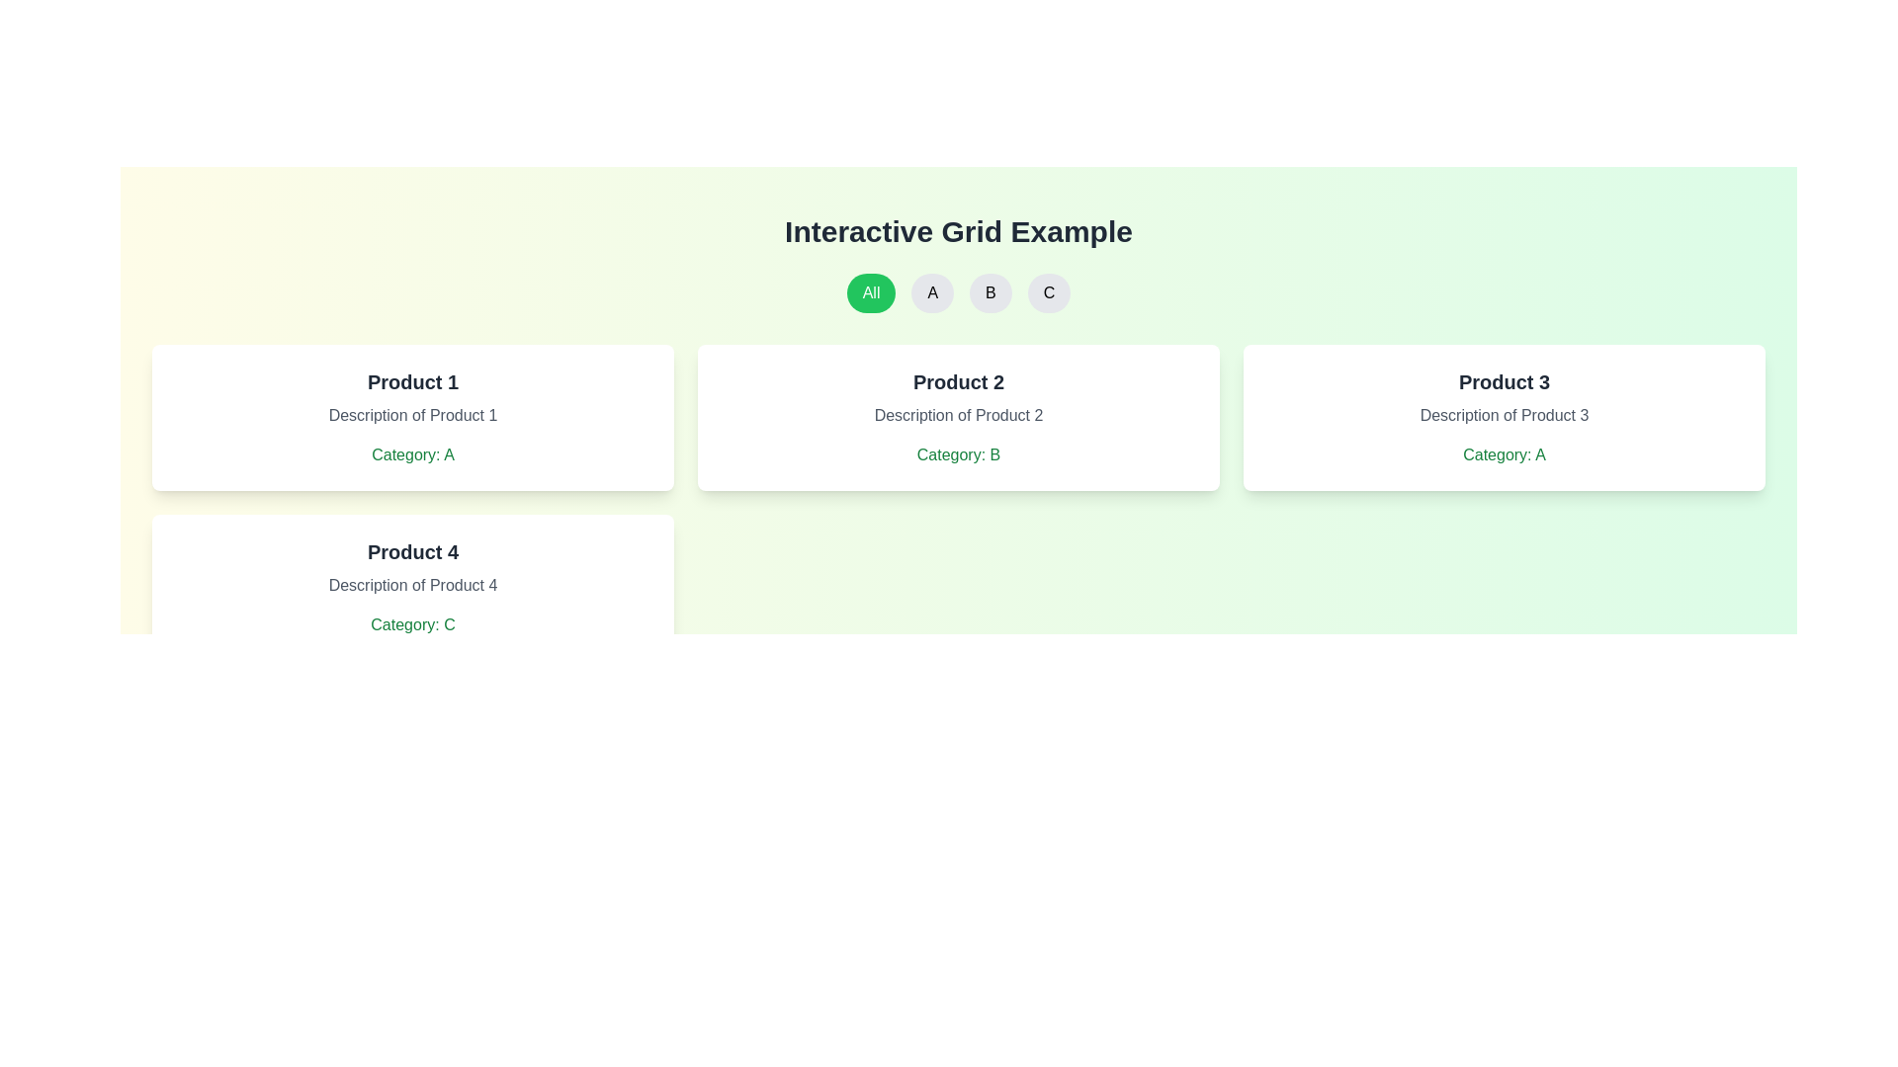 Image resolution: width=1898 pixels, height=1067 pixels. I want to click on the green bold text label reading 'Category: A' located at the bottom section of the 'Product 1' card, so click(411, 455).